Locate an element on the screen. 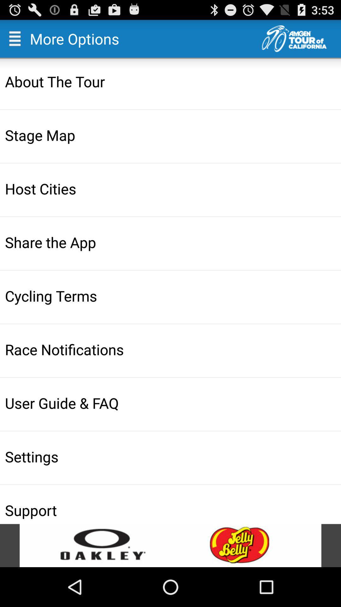 The width and height of the screenshot is (341, 607). angel tour of california is located at coordinates (301, 38).